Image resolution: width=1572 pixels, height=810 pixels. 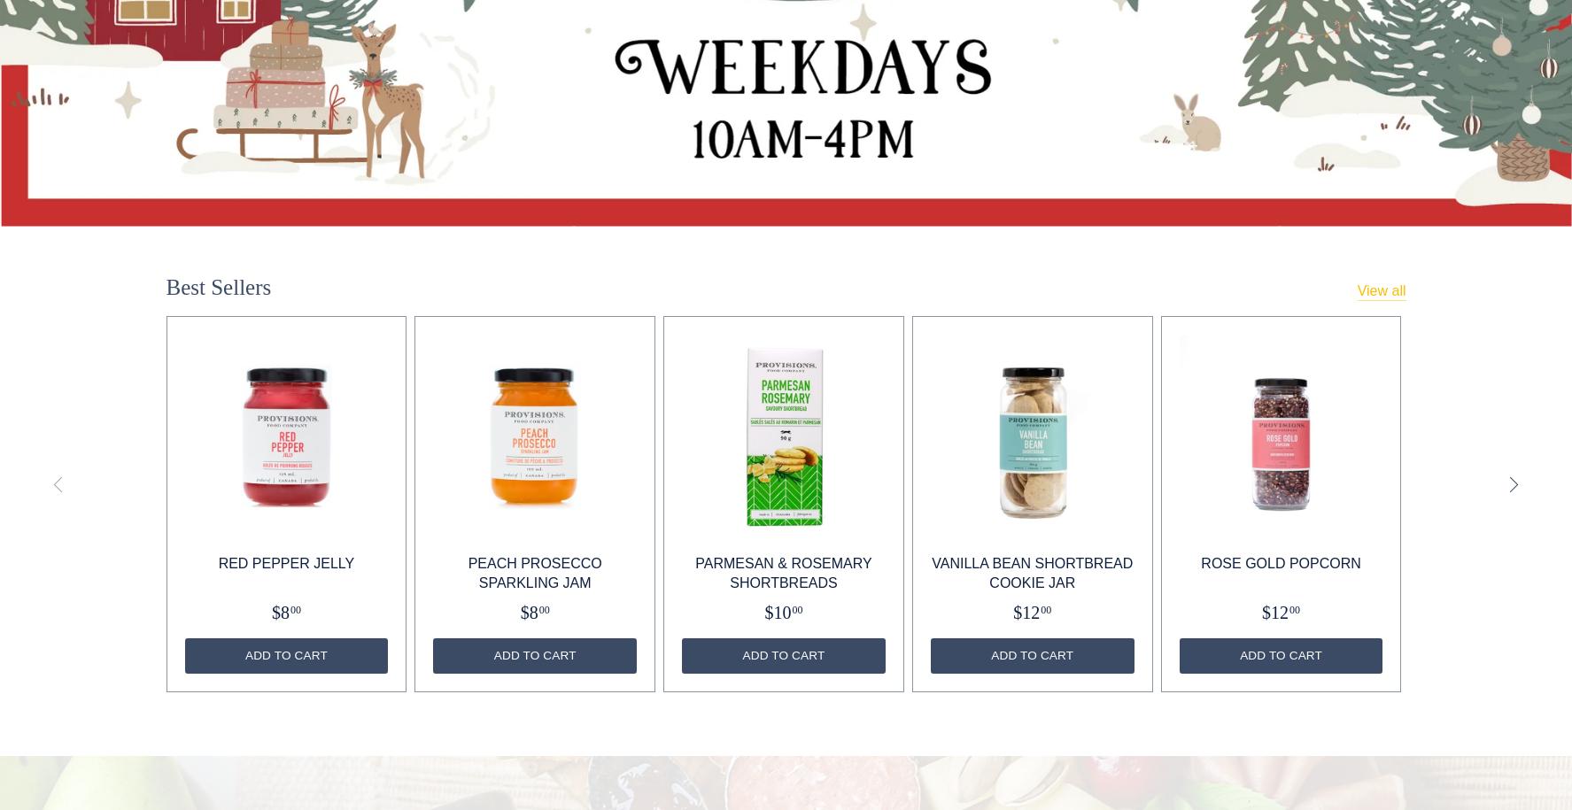 What do you see at coordinates (782, 572) in the screenshot?
I see `'PARMESAN & ROSEMARY SHORTBREADS'` at bounding box center [782, 572].